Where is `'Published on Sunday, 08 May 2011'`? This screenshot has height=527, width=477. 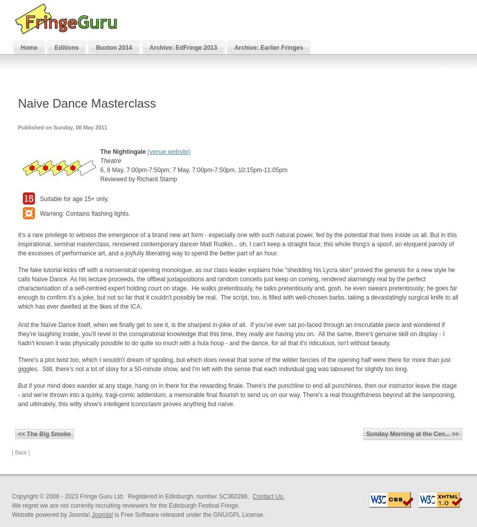 'Published on Sunday, 08 May 2011' is located at coordinates (17, 126).